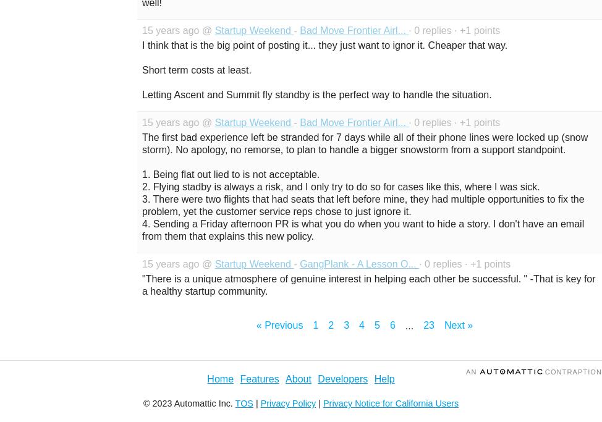 Image resolution: width=602 pixels, height=422 pixels. Describe the element at coordinates (571, 371) in the screenshot. I see `'Contraption'` at that location.